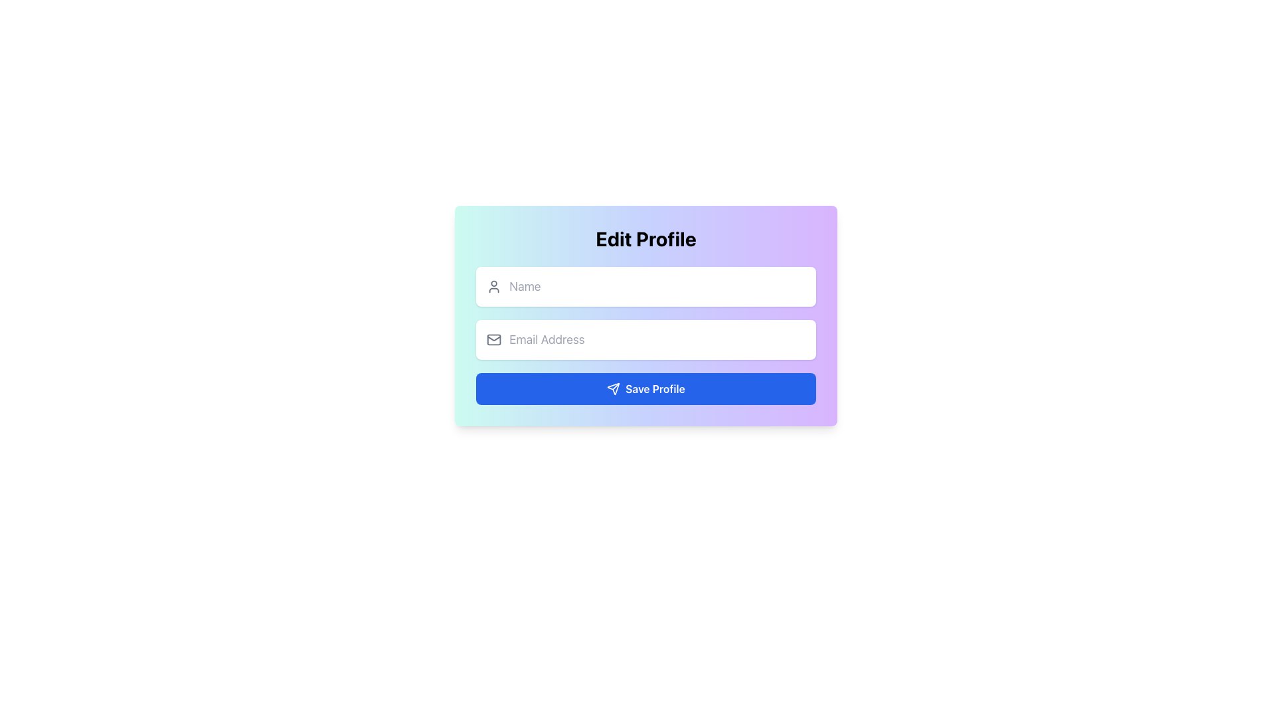  I want to click on the 'Edit Profile' header text, which is prominently displayed in bold at the top of a card interface with a gradient background, so click(646, 238).